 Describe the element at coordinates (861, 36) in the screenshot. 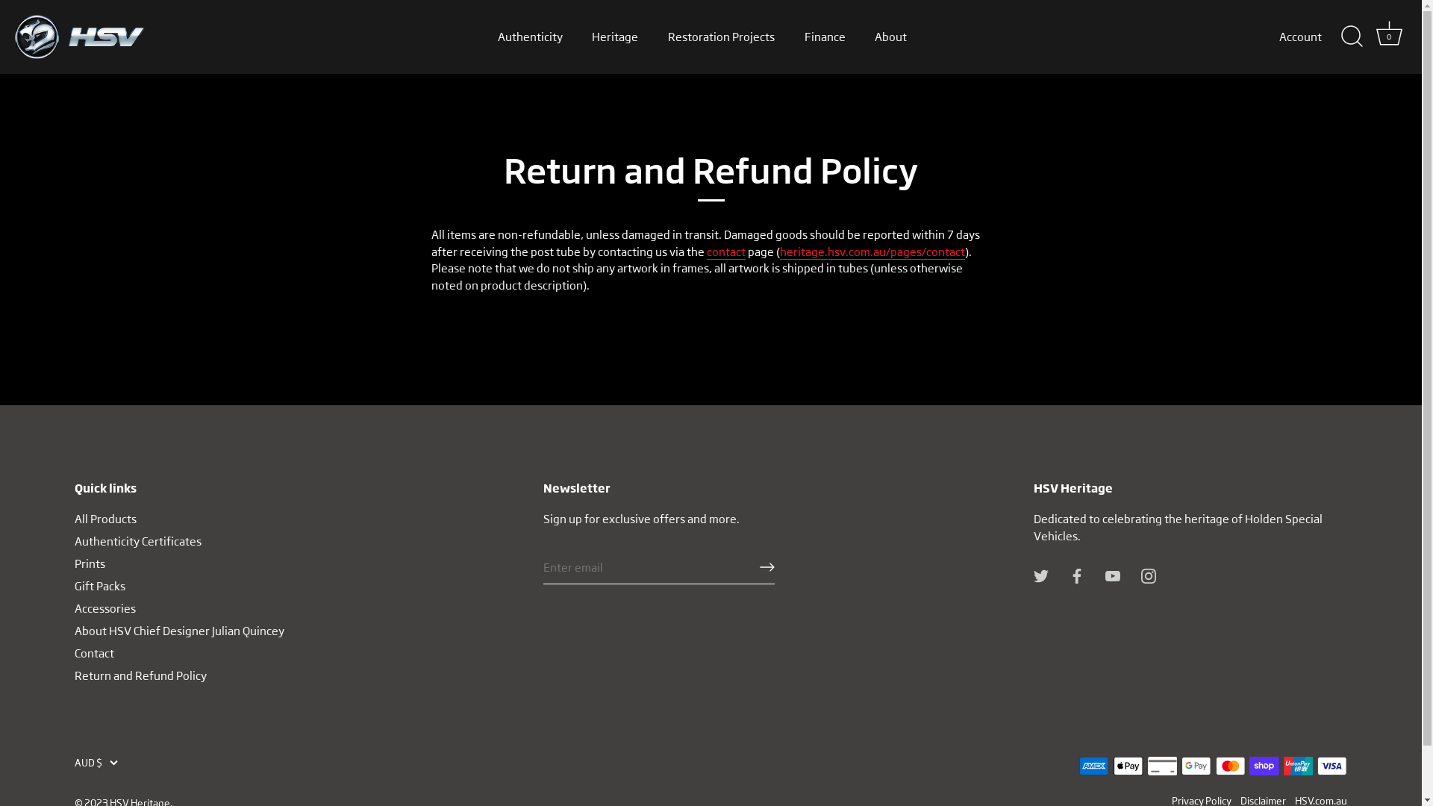

I see `'About'` at that location.